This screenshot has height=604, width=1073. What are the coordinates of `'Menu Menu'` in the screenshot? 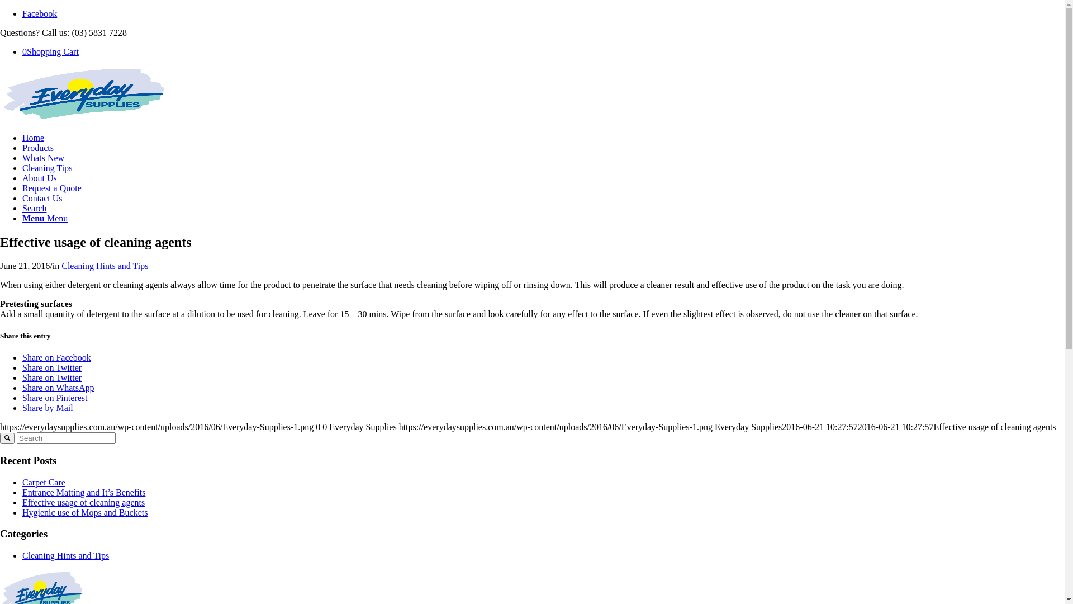 It's located at (45, 218).